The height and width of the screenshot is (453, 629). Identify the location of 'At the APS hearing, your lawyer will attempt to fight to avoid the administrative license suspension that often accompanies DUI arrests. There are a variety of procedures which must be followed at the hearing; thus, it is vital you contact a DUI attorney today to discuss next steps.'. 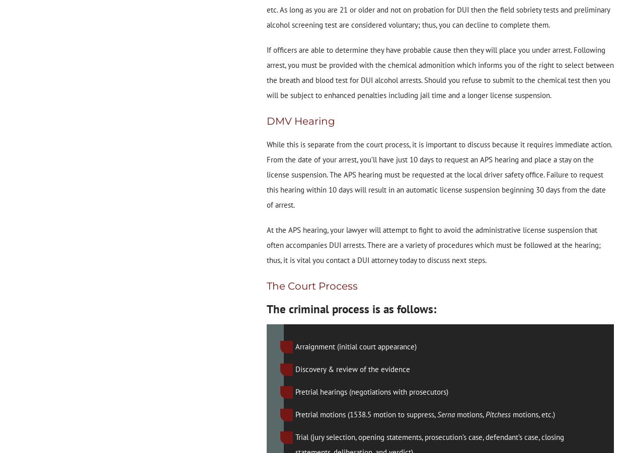
(266, 244).